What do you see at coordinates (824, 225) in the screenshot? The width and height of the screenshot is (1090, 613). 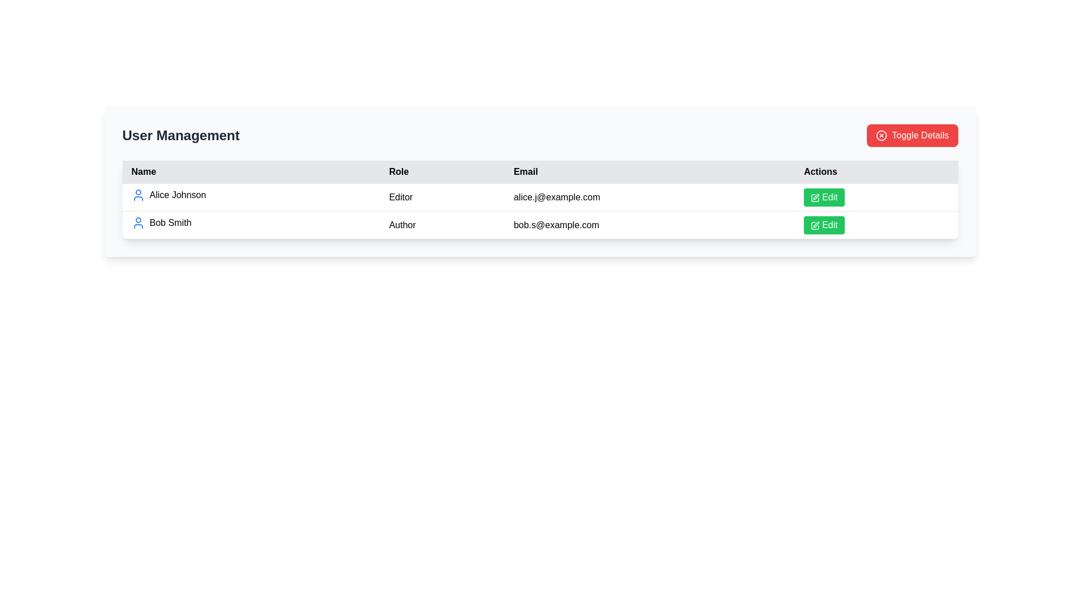 I see `the second 'Edit' button in the 'Actions' column corresponding to 'Bob Smith' to observe the visual interaction effect` at bounding box center [824, 225].